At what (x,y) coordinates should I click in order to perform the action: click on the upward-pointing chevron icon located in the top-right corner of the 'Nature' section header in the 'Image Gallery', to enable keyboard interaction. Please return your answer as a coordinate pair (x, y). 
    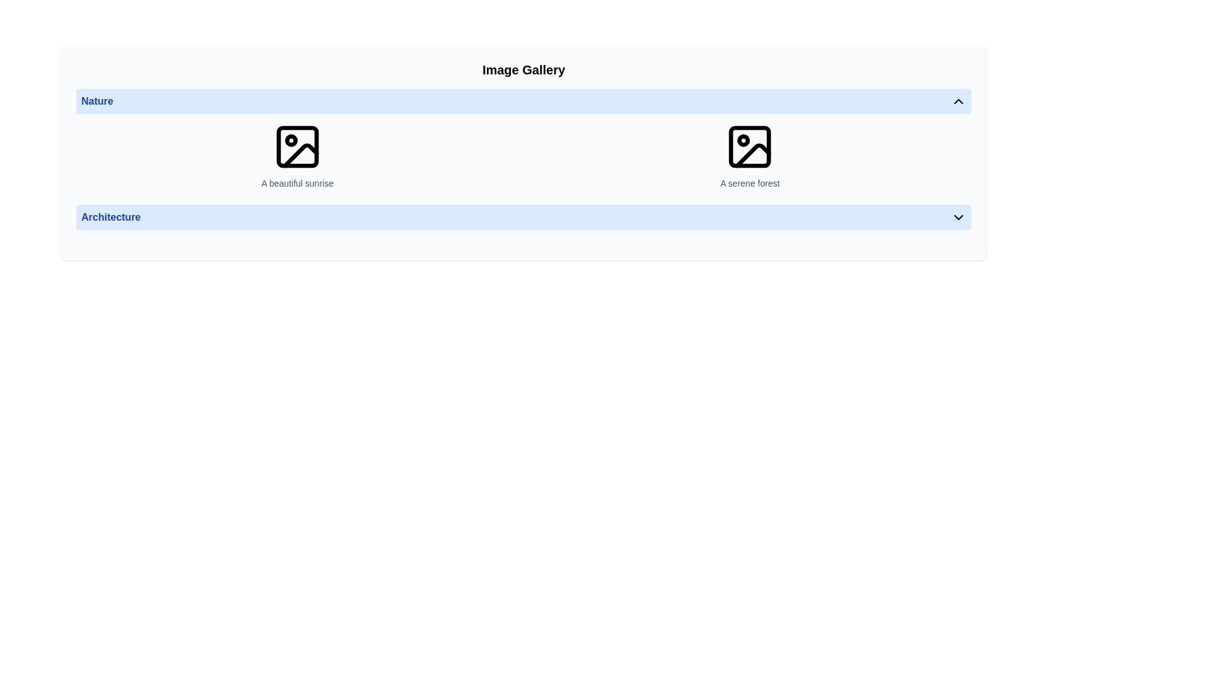
    Looking at the image, I should click on (959, 101).